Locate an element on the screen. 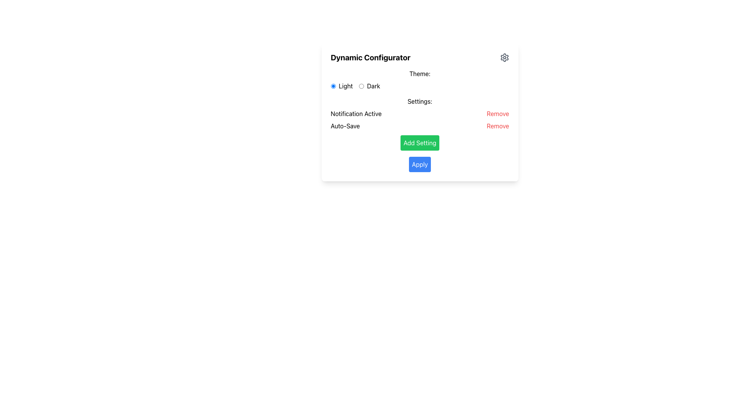 This screenshot has height=415, width=738. the 'Dark' theme radio button is located at coordinates (361, 86).